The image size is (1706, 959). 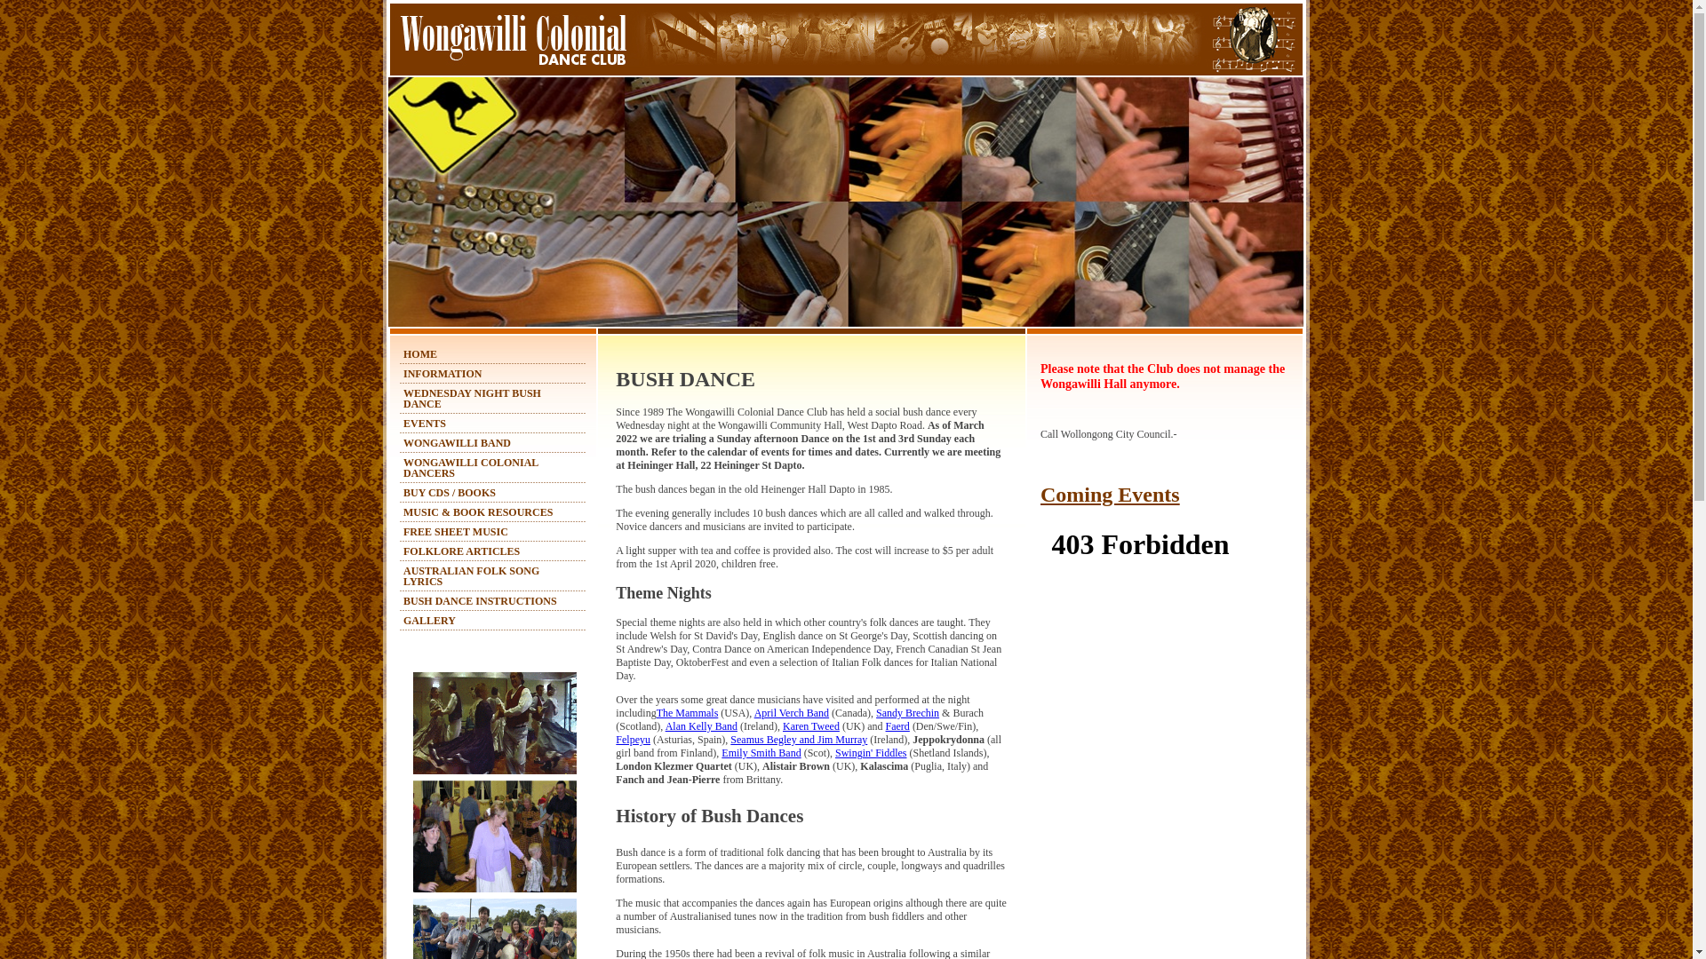 I want to click on 'April Verch Band', so click(x=754, y=711).